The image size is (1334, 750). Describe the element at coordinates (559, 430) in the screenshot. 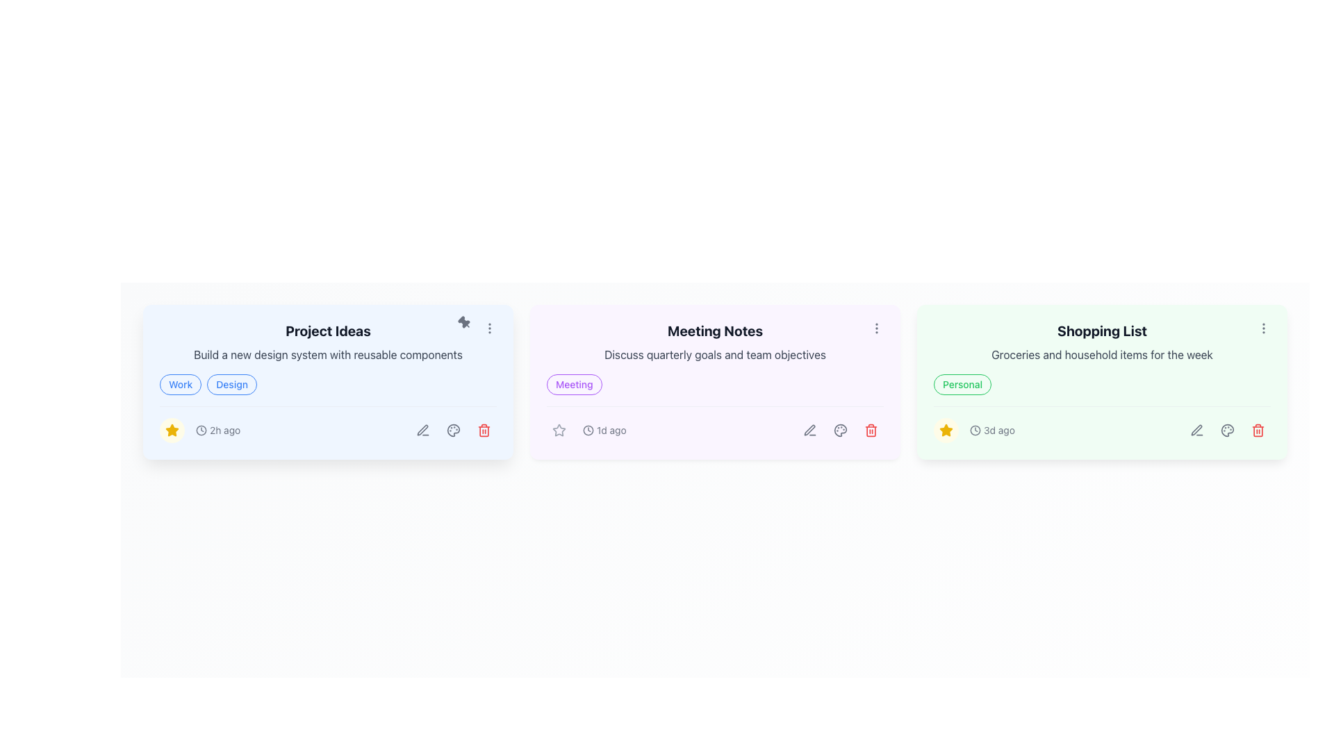

I see `the star icon button located at the bottom-left corner of the 'Meeting Notes' card to favorite or unfavorite the associated item` at that location.